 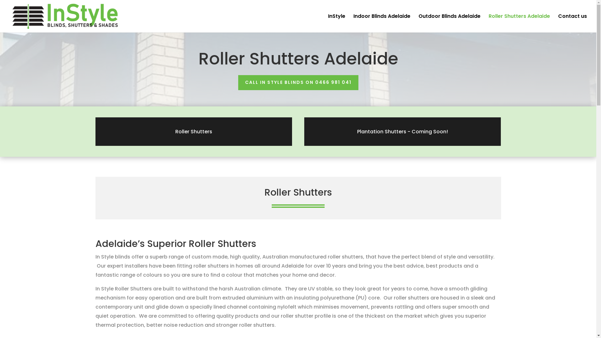 What do you see at coordinates (558, 23) in the screenshot?
I see `'Contact us'` at bounding box center [558, 23].